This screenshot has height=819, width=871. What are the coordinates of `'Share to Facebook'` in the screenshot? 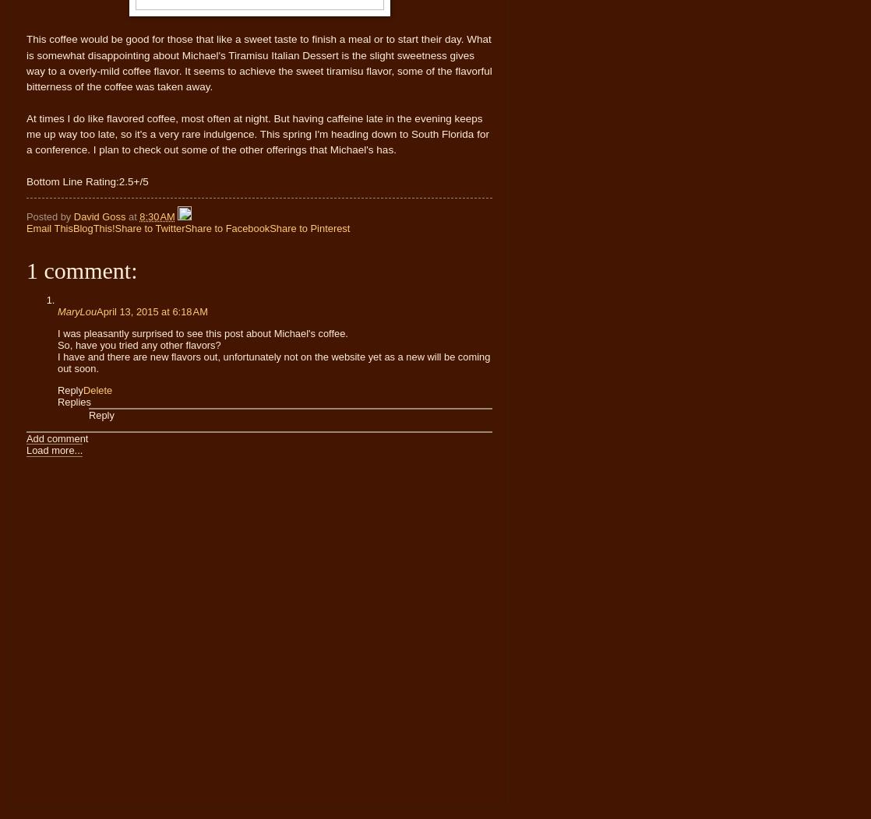 It's located at (226, 228).